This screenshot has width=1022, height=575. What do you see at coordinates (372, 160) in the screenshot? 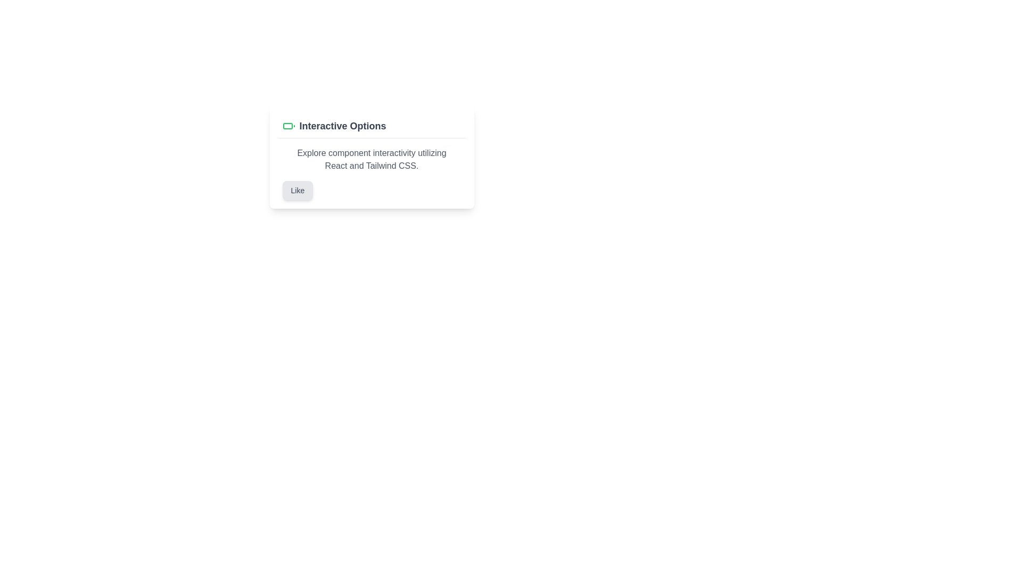
I see `the static text block that provides insight or instructions about the interactive options available, located below the 'Interactive Options' heading and above the 'Like' button` at bounding box center [372, 160].